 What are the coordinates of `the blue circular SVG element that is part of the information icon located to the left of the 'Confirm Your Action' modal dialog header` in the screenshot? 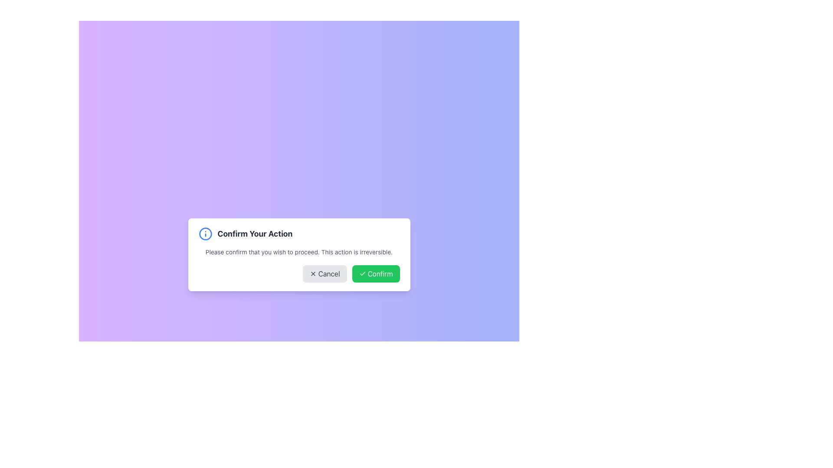 It's located at (205, 234).